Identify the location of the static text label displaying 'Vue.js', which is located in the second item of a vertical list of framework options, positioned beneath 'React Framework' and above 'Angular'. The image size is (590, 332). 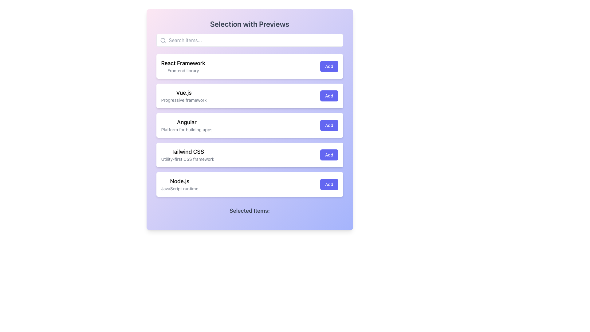
(183, 93).